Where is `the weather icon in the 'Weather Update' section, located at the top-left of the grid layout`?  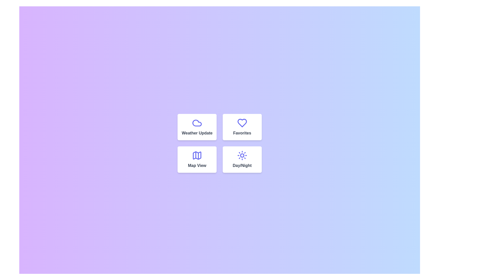 the weather icon in the 'Weather Update' section, located at the top-left of the grid layout is located at coordinates (197, 123).